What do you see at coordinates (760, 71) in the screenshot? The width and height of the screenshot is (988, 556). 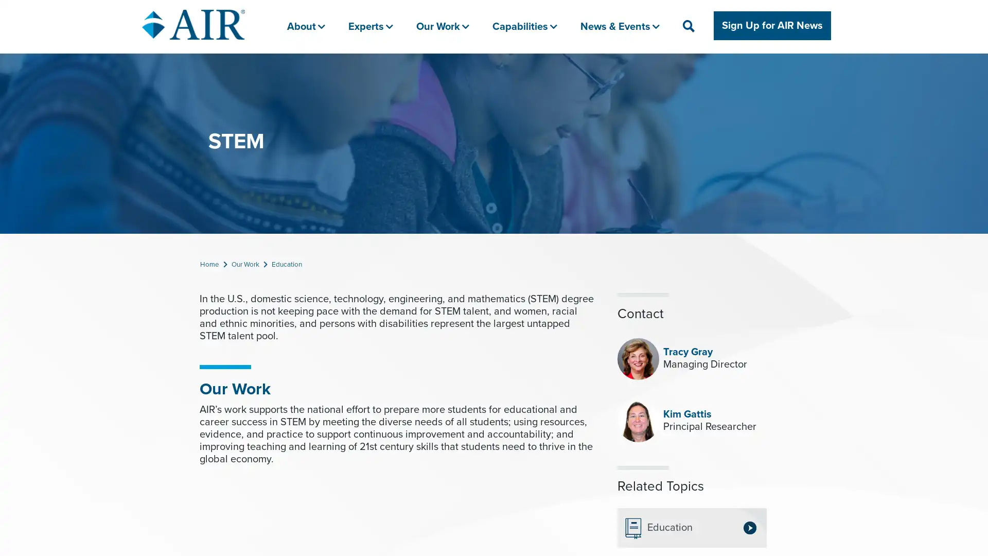 I see `Reset` at bounding box center [760, 71].